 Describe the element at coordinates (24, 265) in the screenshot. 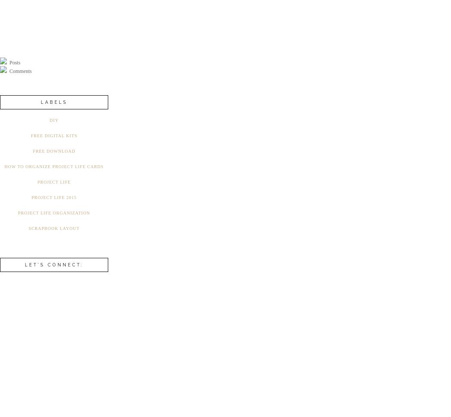

I see `'Let's connect:'` at that location.